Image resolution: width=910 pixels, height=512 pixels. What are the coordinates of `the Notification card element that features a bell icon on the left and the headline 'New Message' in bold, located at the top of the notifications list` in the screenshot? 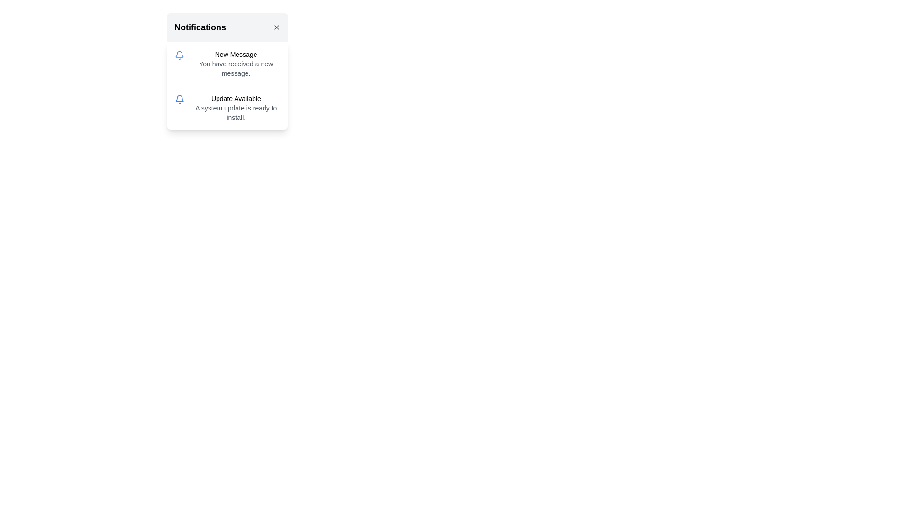 It's located at (227, 64).